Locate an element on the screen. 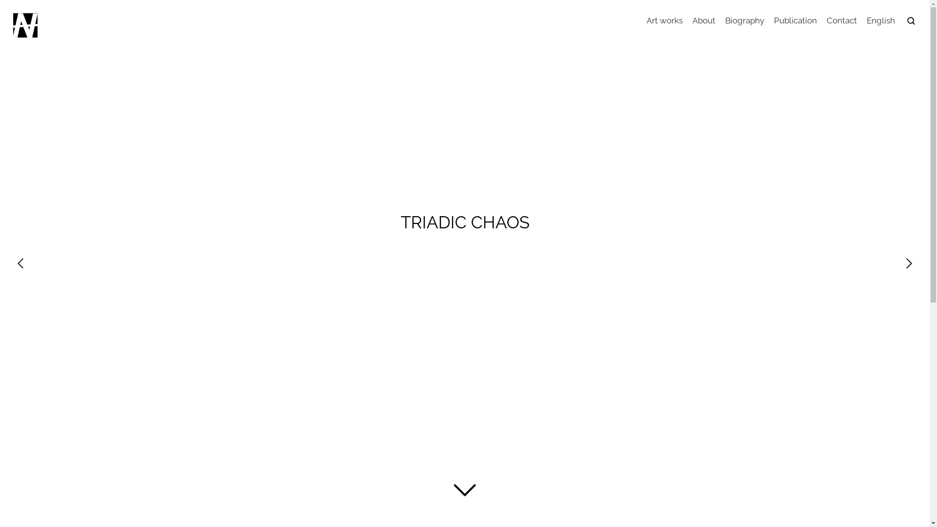 The height and width of the screenshot is (527, 937). 'Art works' is located at coordinates (664, 20).